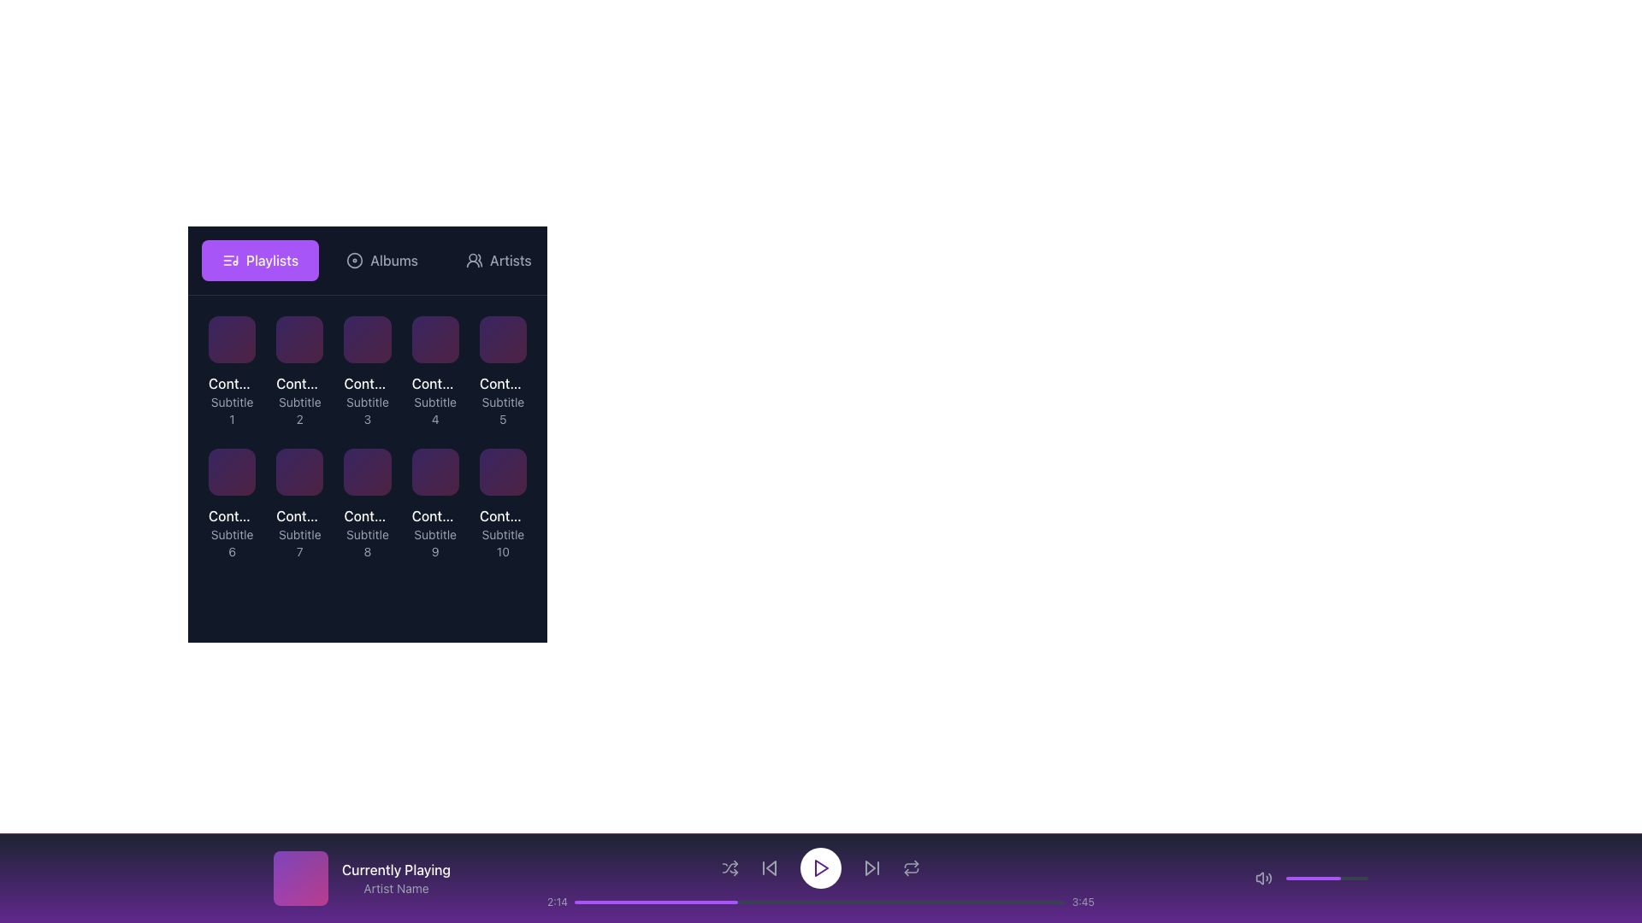  Describe the element at coordinates (502, 503) in the screenshot. I see `the Play Button SVG Icon located at the center of the overlay on the 10th card labeled 'Cont... Subtitle 10'` at that location.